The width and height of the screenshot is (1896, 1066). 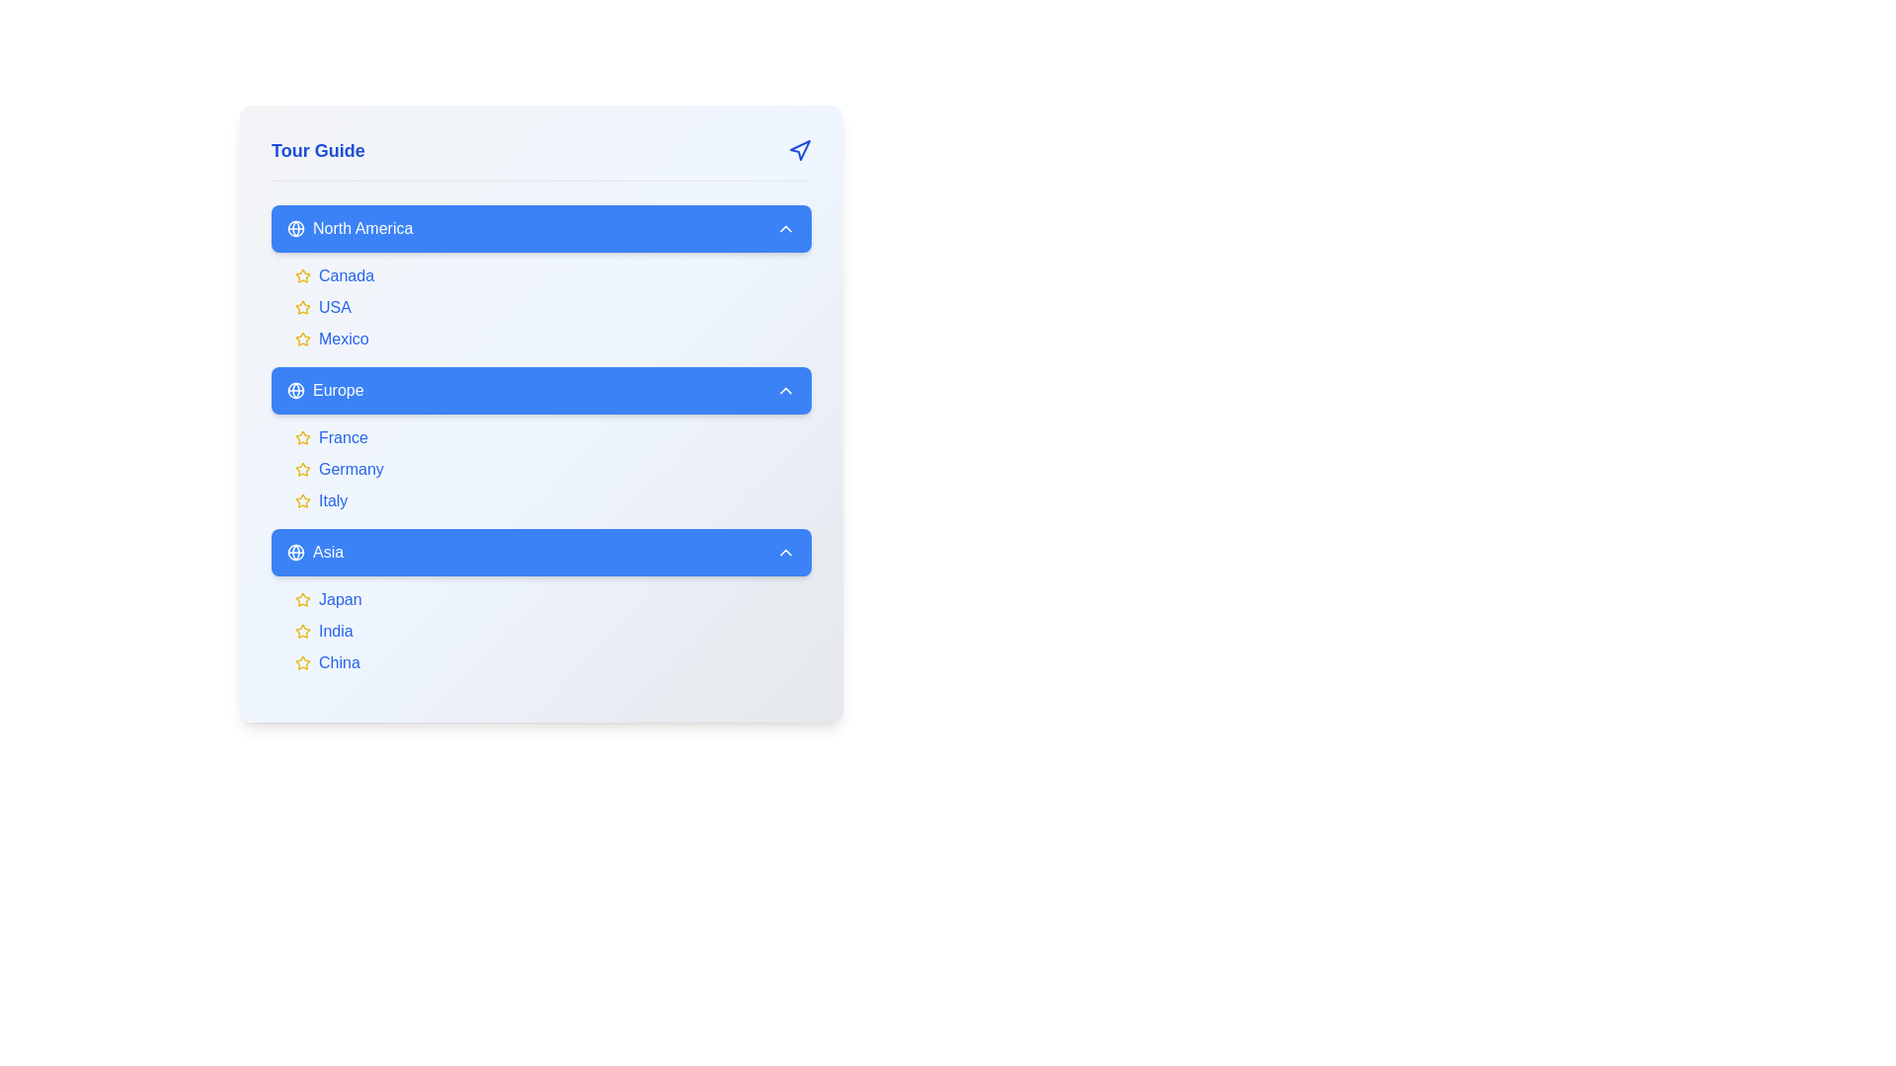 What do you see at coordinates (302, 338) in the screenshot?
I see `the star icon that serves as a favorite or rating marker for the 'Mexico' entry in the 'North America' section of the categorized list` at bounding box center [302, 338].